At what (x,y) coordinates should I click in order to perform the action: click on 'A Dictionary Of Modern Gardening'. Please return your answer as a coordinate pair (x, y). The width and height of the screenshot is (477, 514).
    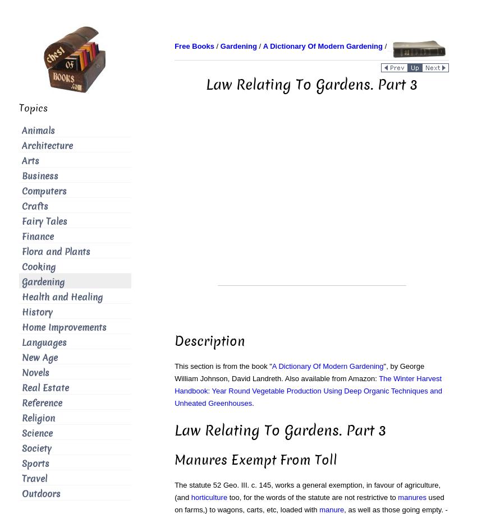
    Looking at the image, I should click on (327, 365).